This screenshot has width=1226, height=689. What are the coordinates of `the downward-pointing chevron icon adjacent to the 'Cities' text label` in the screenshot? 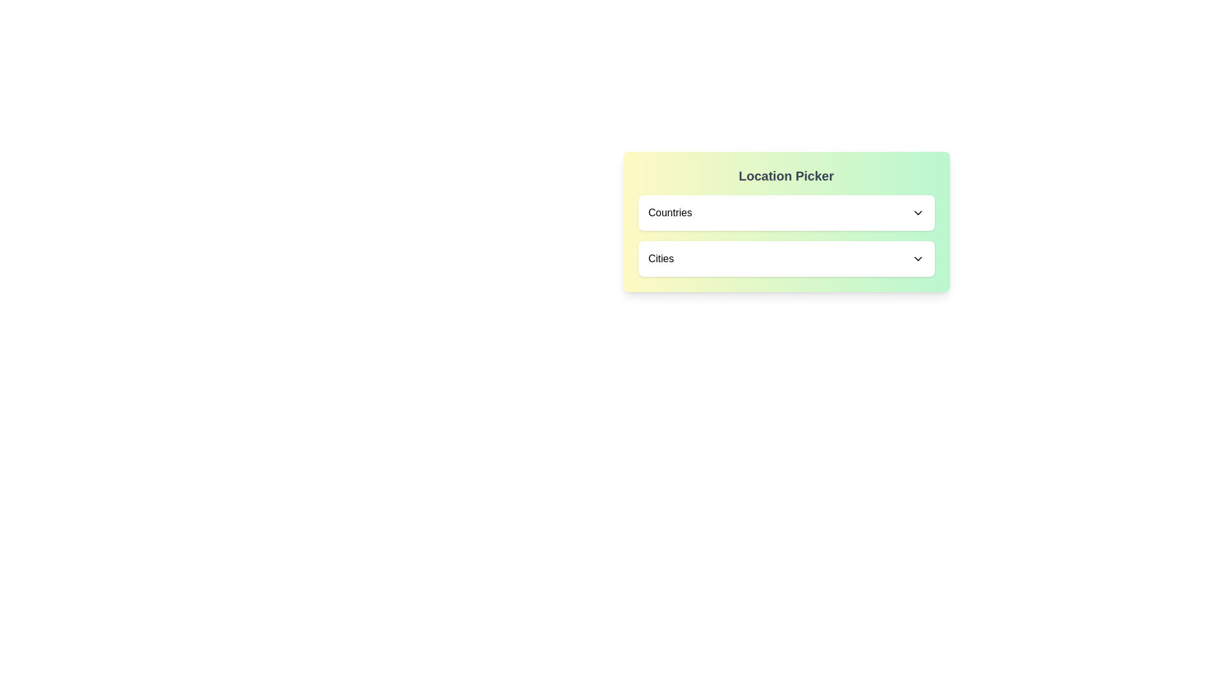 It's located at (917, 258).